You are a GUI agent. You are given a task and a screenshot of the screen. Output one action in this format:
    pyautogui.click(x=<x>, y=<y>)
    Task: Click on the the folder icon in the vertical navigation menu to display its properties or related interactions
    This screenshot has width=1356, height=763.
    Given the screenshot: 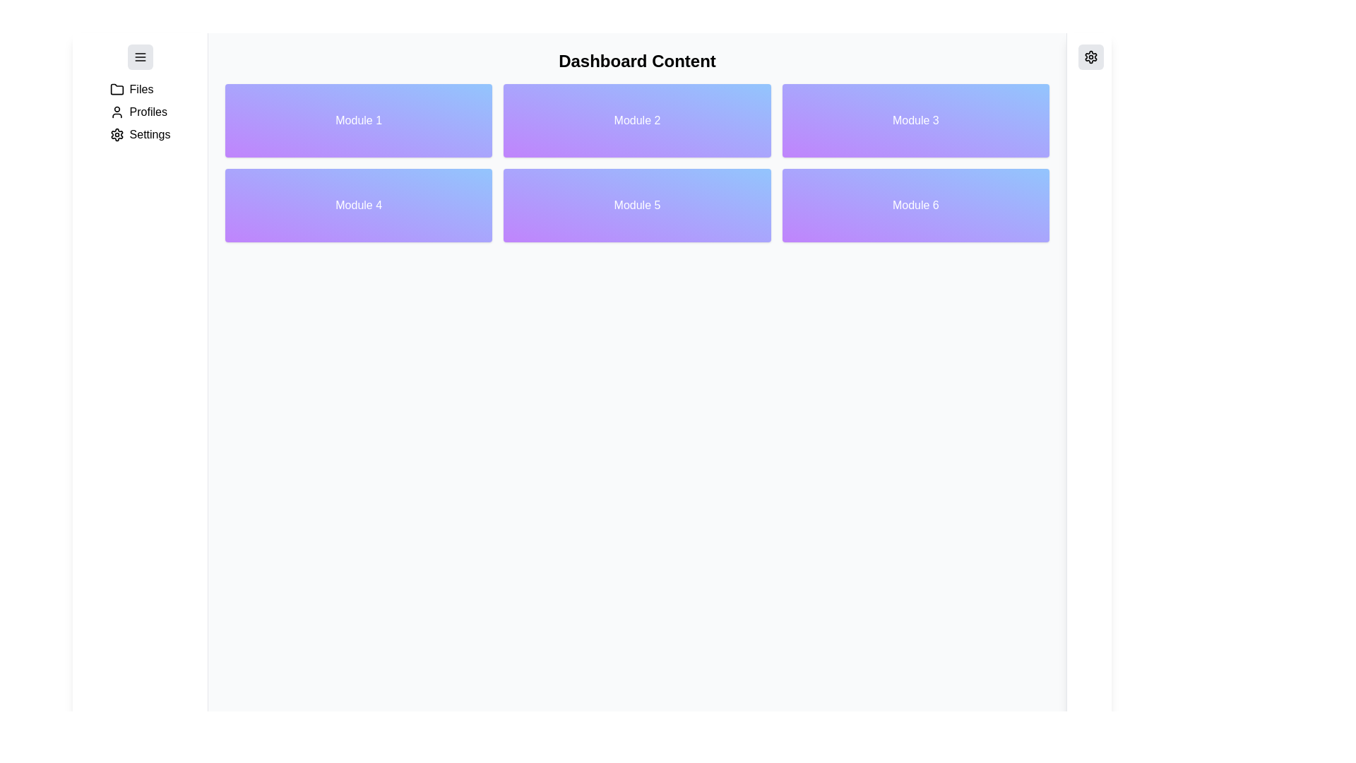 What is the action you would take?
    pyautogui.click(x=117, y=90)
    